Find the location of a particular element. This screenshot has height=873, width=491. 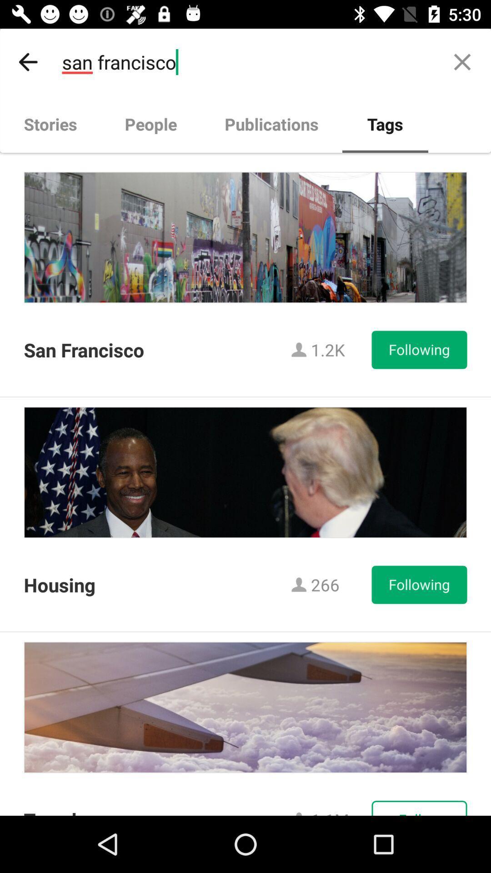

item next to the san francisco is located at coordinates (462, 61).